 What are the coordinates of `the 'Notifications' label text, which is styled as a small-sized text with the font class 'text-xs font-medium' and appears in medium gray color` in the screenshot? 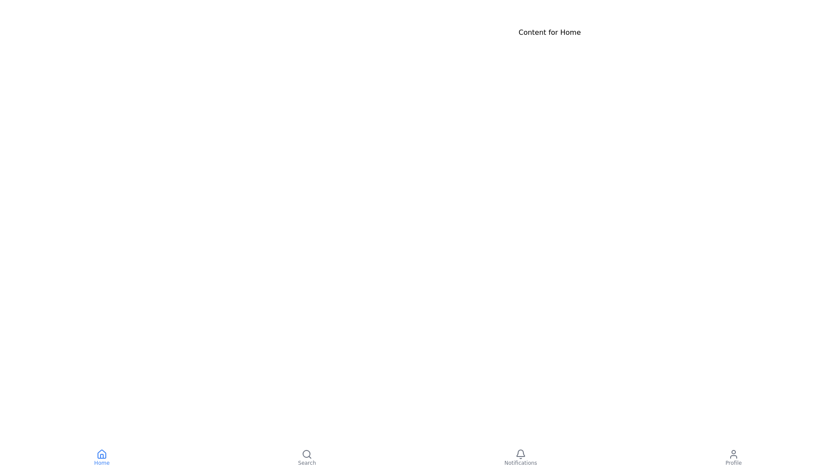 It's located at (520, 463).